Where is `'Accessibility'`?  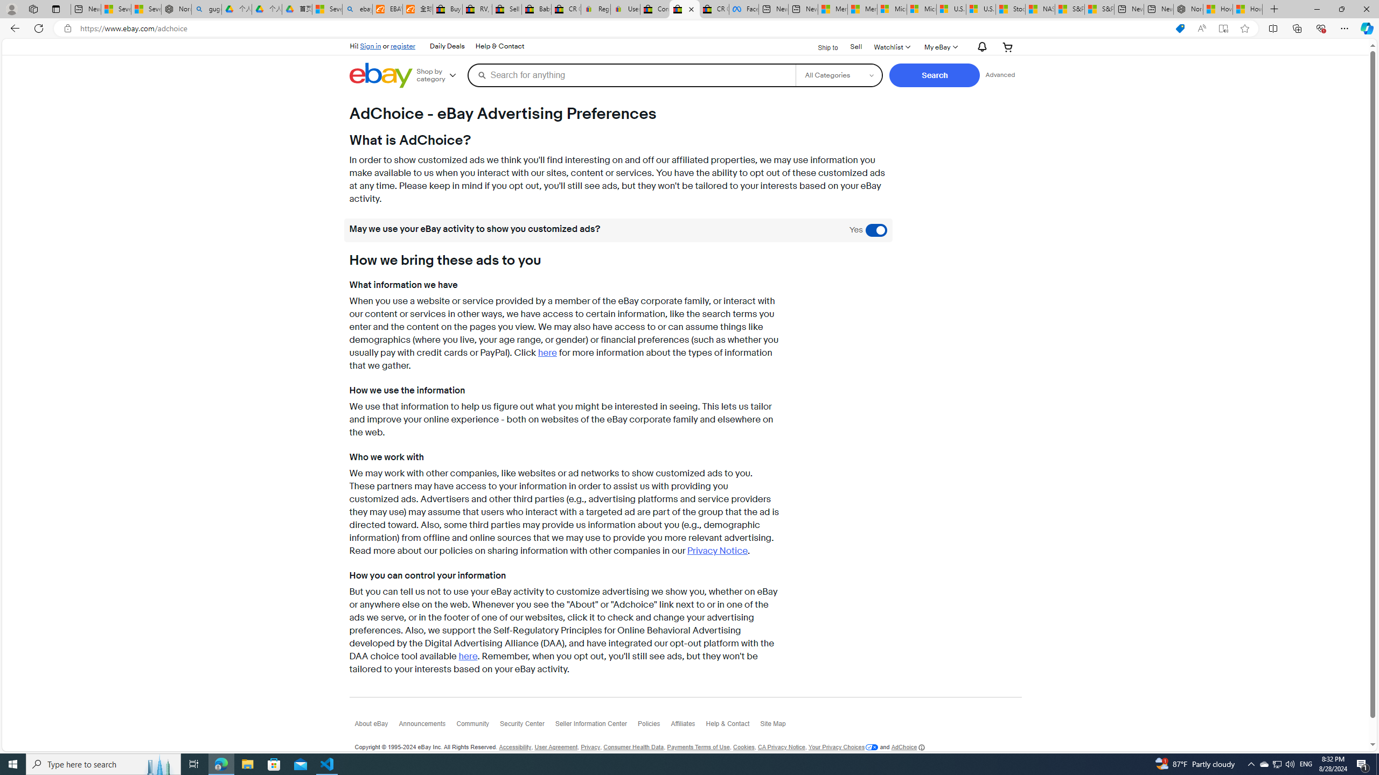
'Accessibility' is located at coordinates (516, 746).